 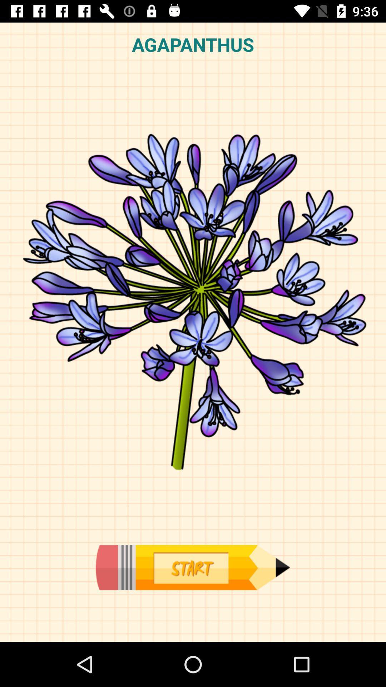 What do you see at coordinates (192, 567) in the screenshot?
I see `start game` at bounding box center [192, 567].